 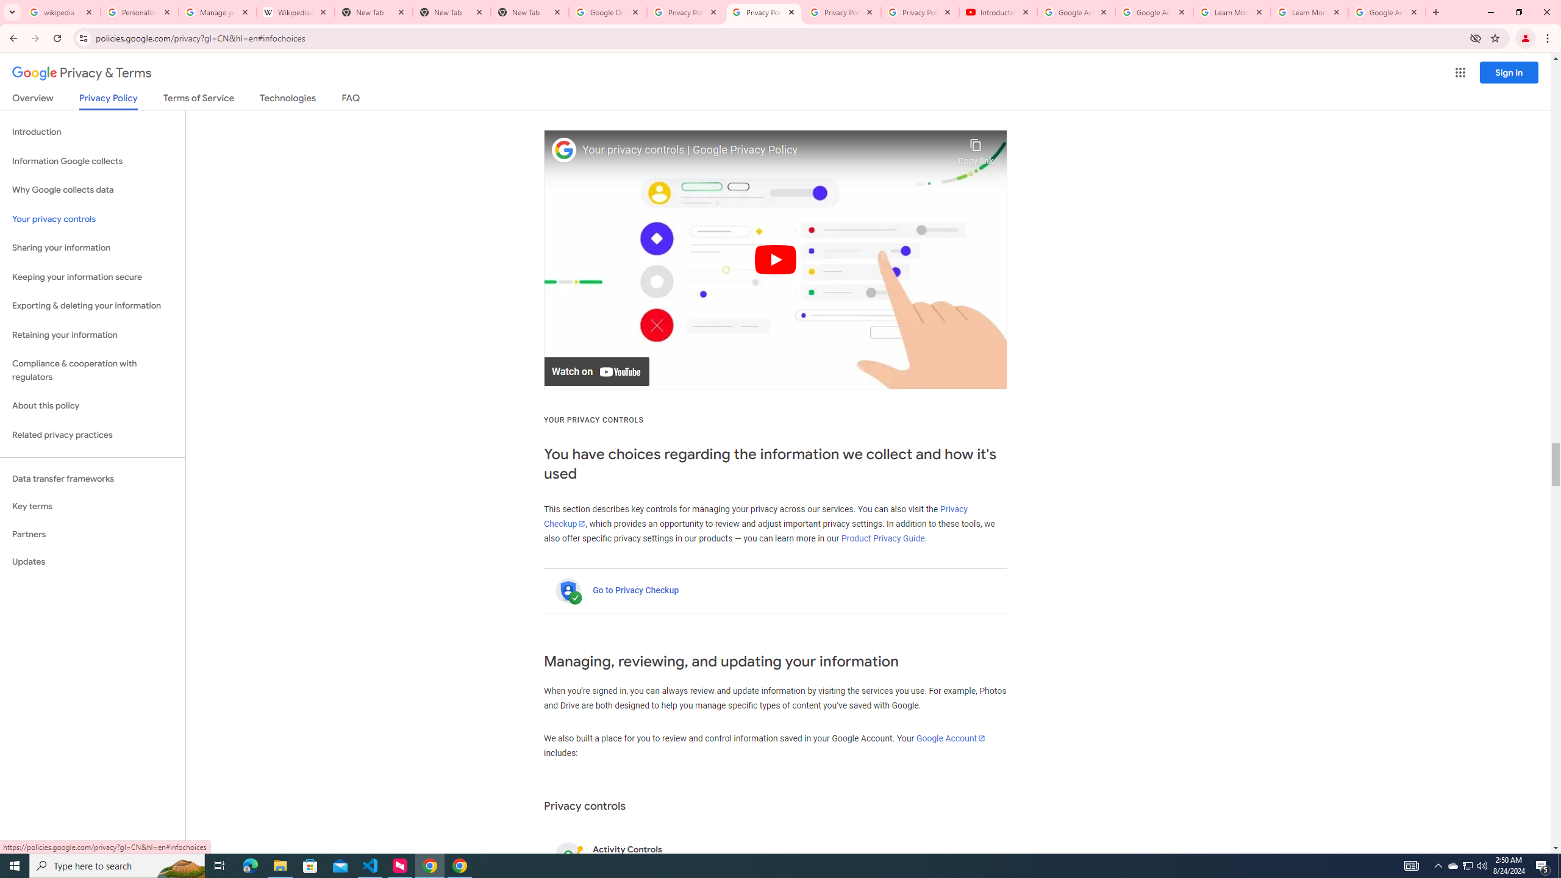 I want to click on 'Third-party cookies blocked', so click(x=1476, y=37).